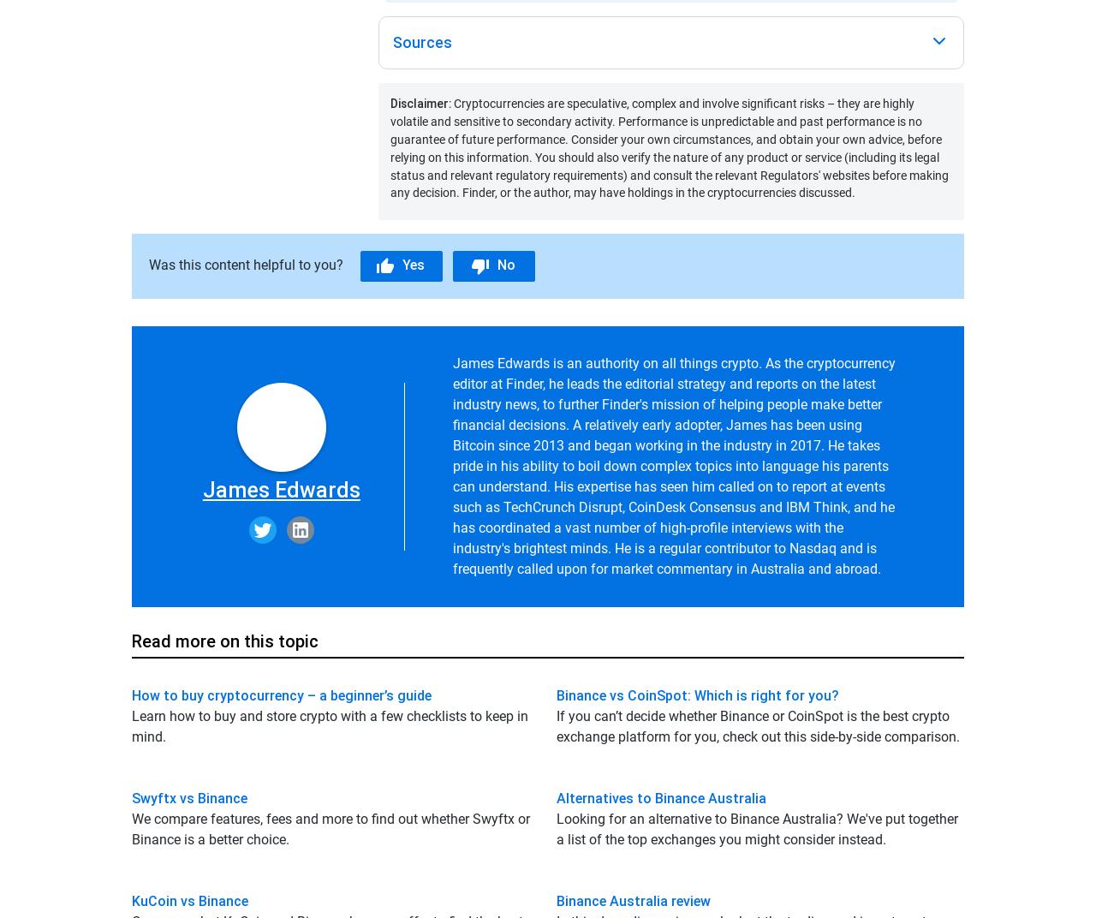  What do you see at coordinates (757, 724) in the screenshot?
I see `'If you can’t decide whether Binance or CoinSpot is the best crypto exchange platform for you, check out this side-by-side comparison.'` at bounding box center [757, 724].